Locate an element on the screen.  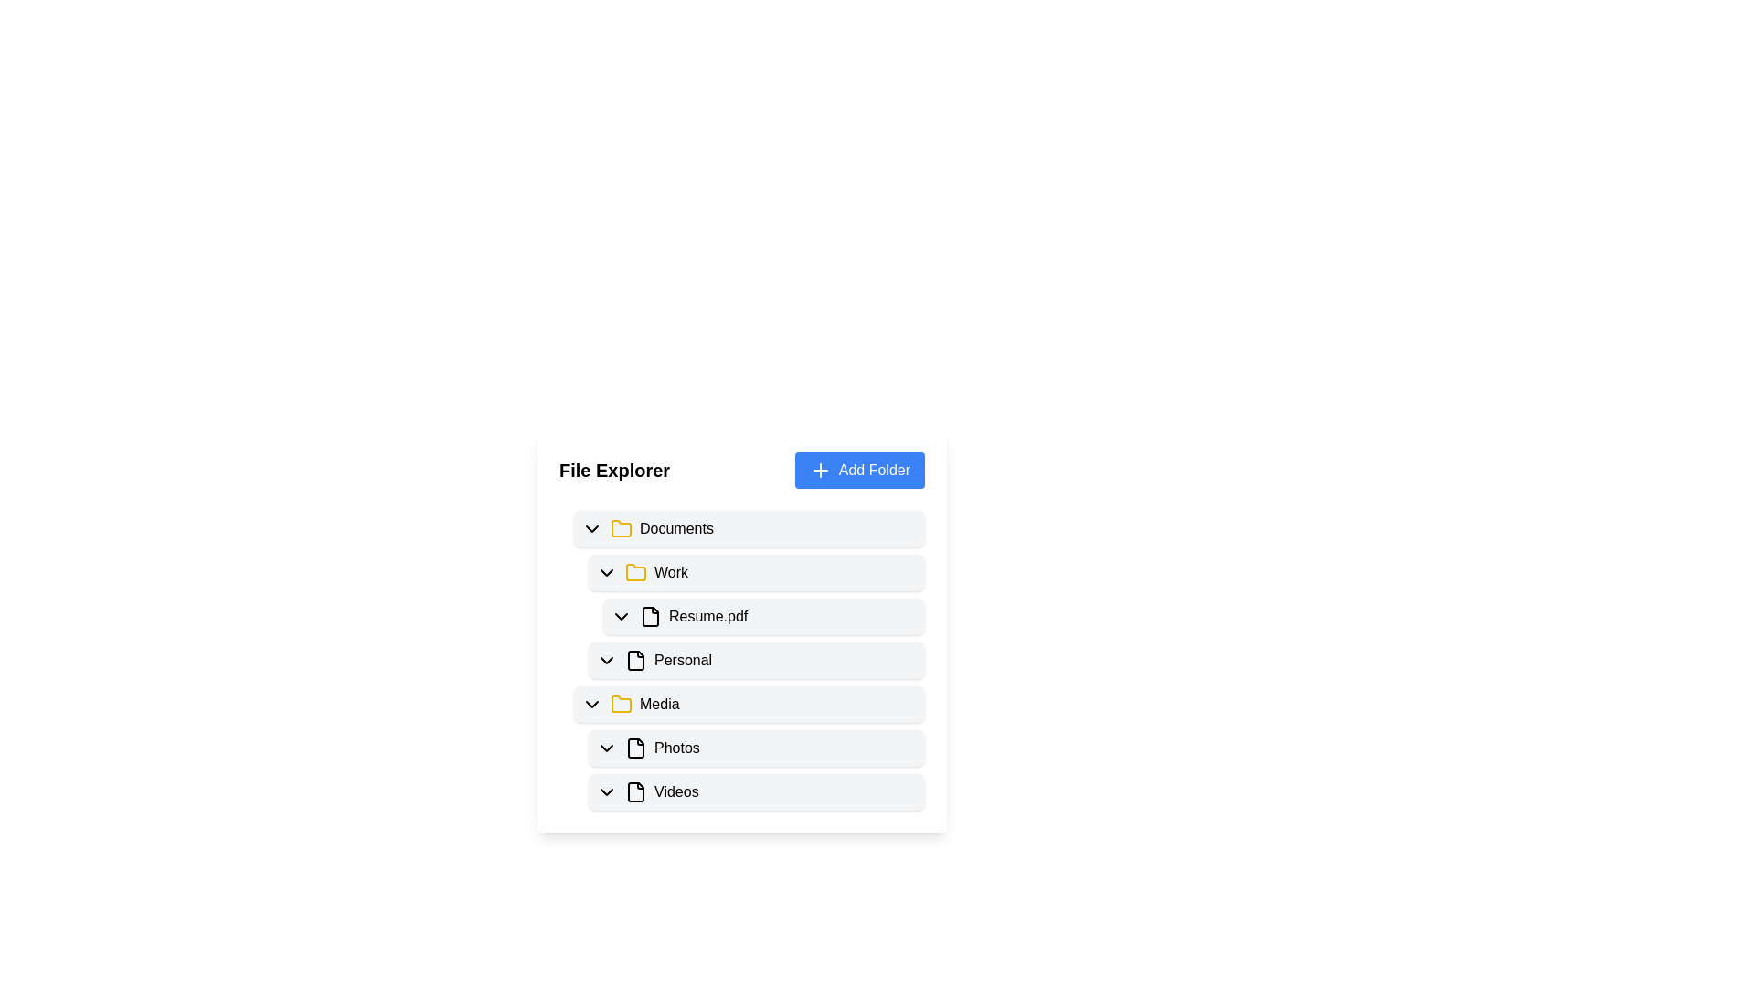
the folder icon styled with a yellow fill and black outlines, located to the left of the text 'Media' is located at coordinates (622, 704).